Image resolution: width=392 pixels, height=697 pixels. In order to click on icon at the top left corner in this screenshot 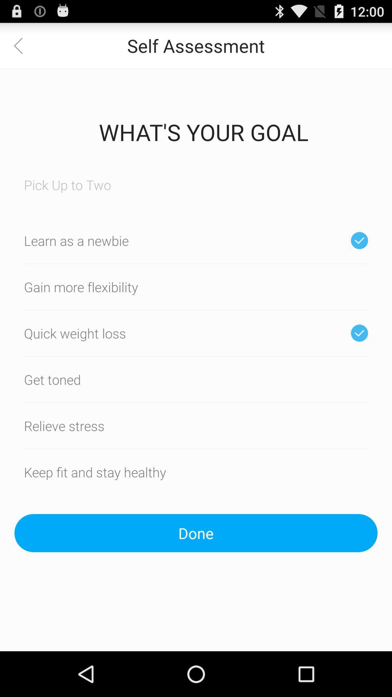, I will do `click(22, 45)`.